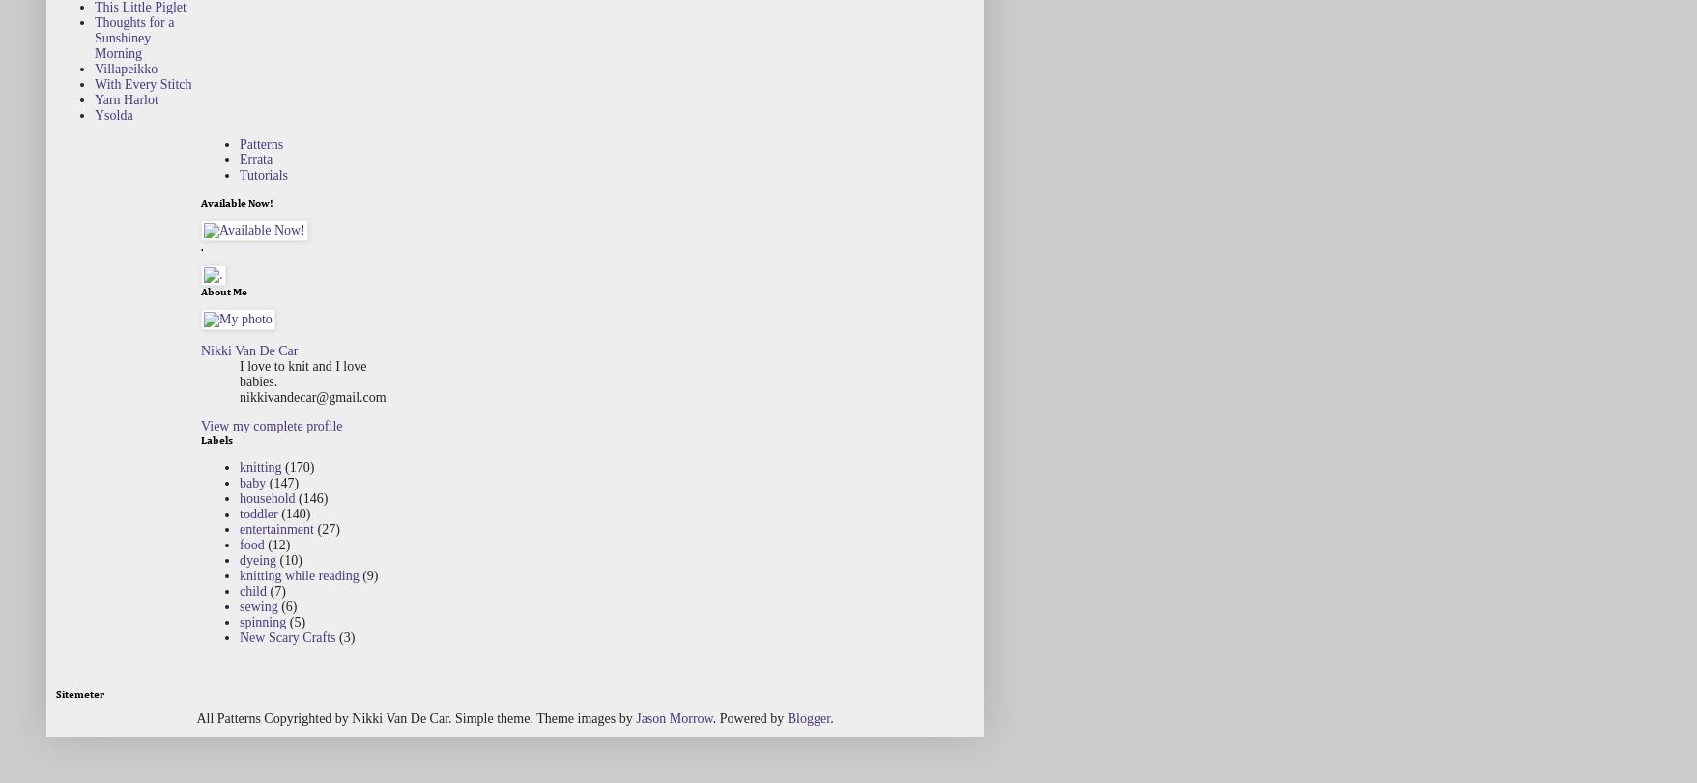 Image resolution: width=1697 pixels, height=783 pixels. I want to click on 'child', so click(239, 589).